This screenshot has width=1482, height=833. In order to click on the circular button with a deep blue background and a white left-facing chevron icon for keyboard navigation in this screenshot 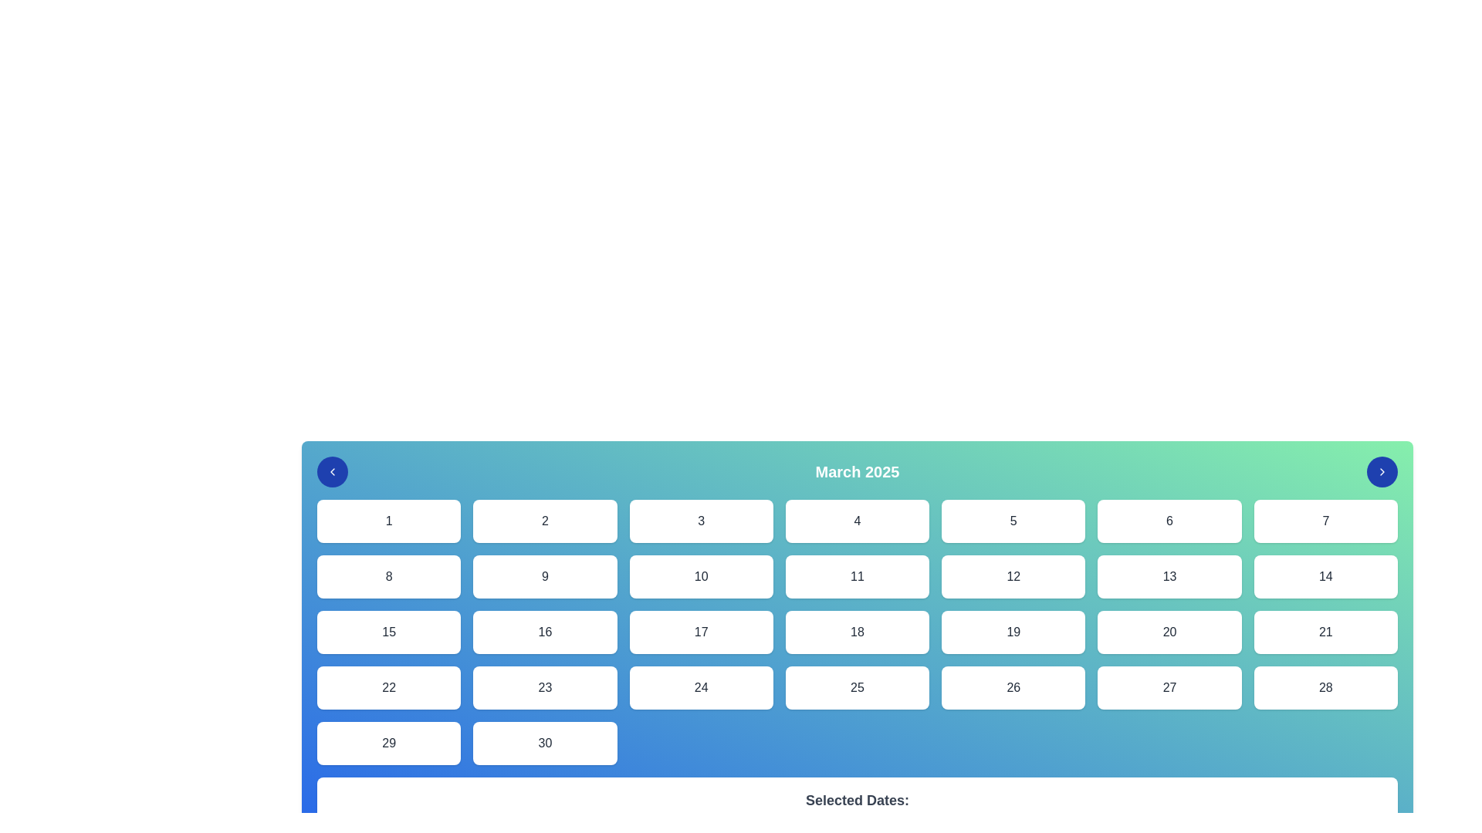, I will do `click(332, 471)`.